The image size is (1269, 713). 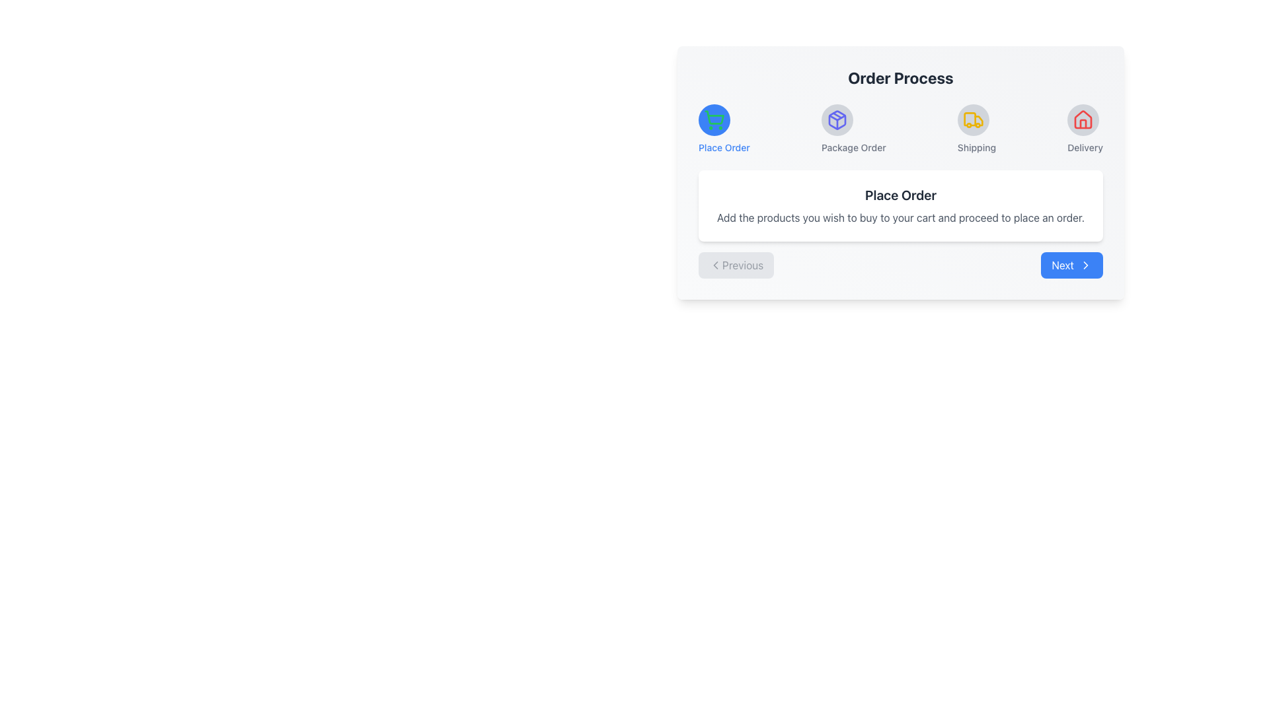 What do you see at coordinates (837, 119) in the screenshot?
I see `the 'Package Order' icon, which represents the second step in the order process navigation bar` at bounding box center [837, 119].